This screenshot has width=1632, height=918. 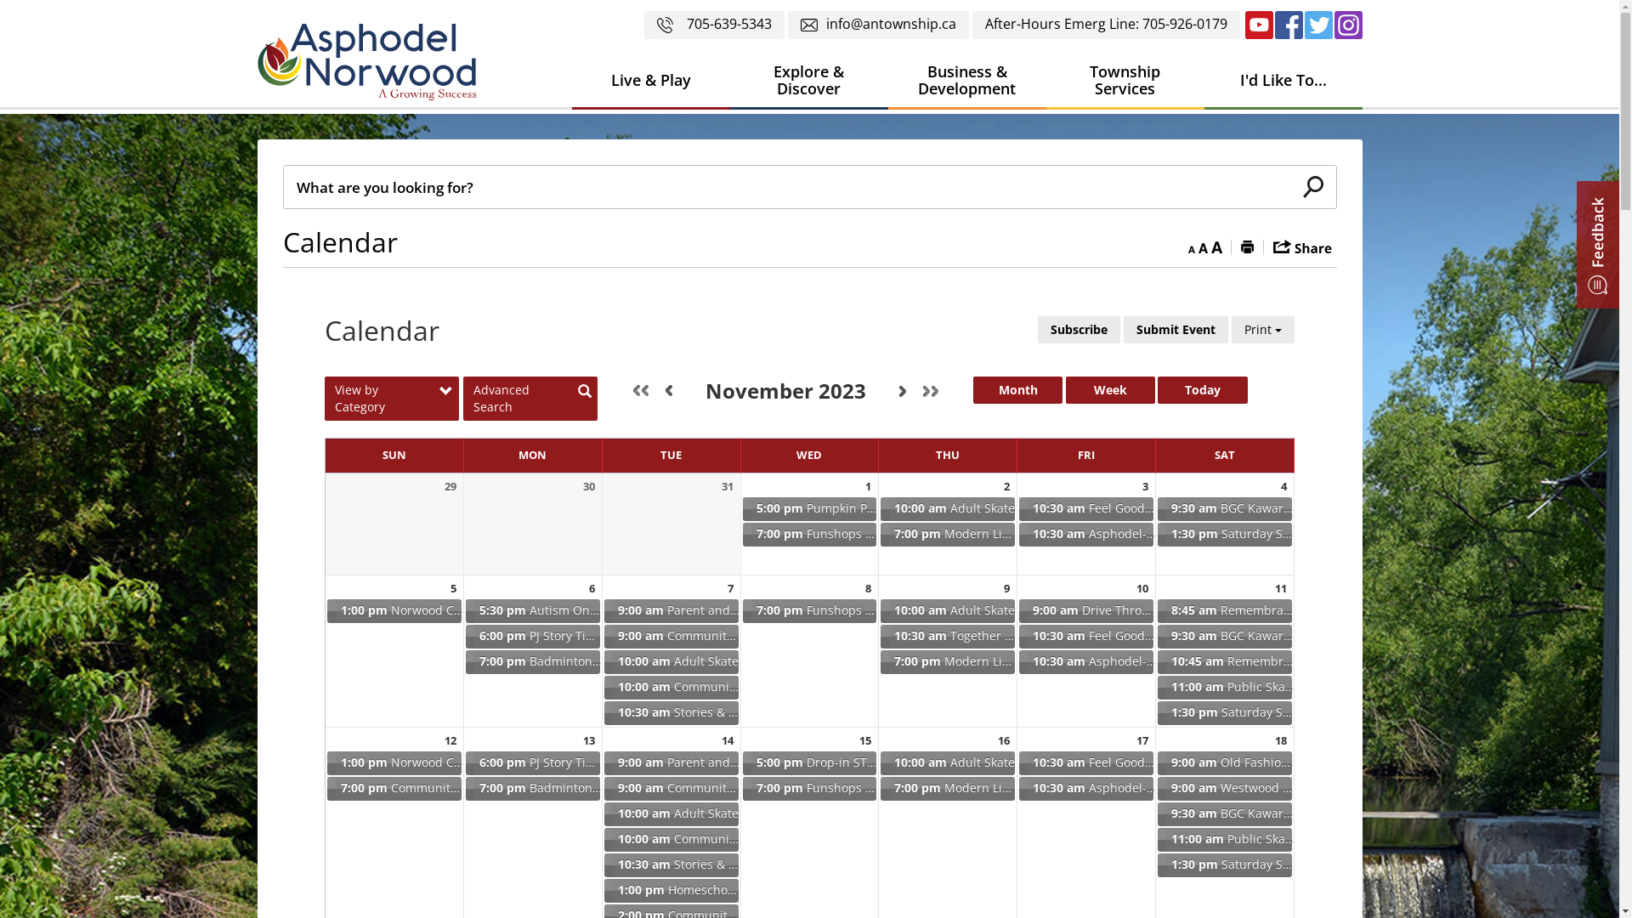 I want to click on '1:00 pm Norwood Curling Club', so click(x=394, y=762).